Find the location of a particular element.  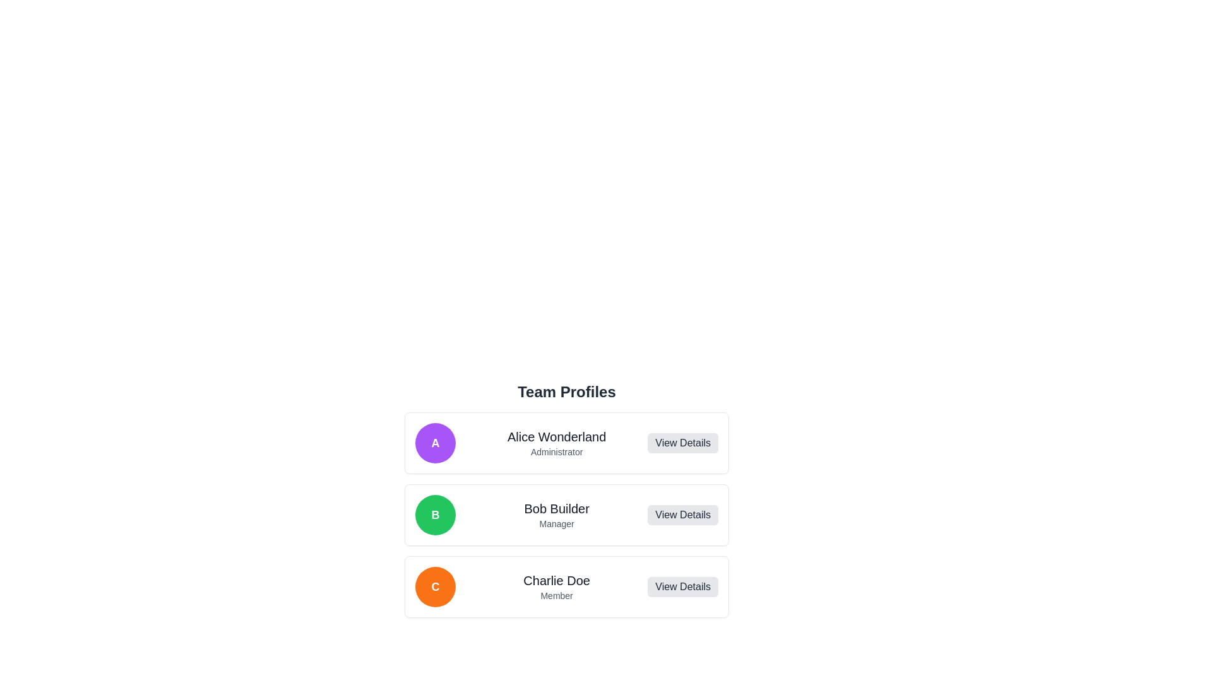

the circular badge with a purple background and a bold white letter 'A' at its center, located at the top-left corner of the profile card is located at coordinates (436, 442).